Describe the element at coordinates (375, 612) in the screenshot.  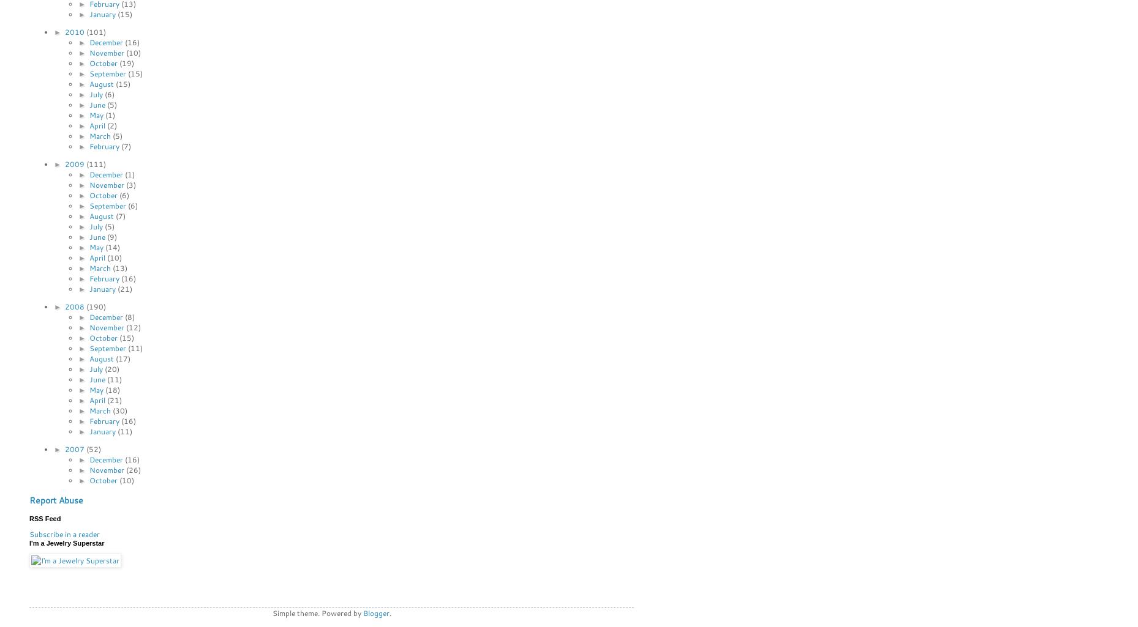
I see `'Blogger'` at that location.